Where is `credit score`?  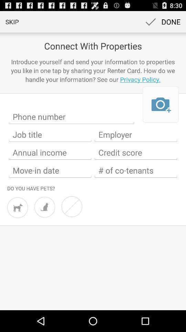
credit score is located at coordinates (136, 153).